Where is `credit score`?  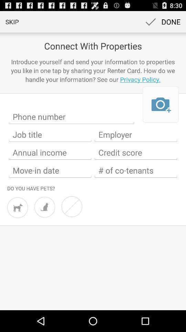
credit score is located at coordinates (136, 153).